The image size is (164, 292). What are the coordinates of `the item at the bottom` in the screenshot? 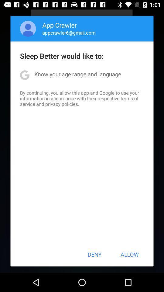 It's located at (94, 254).